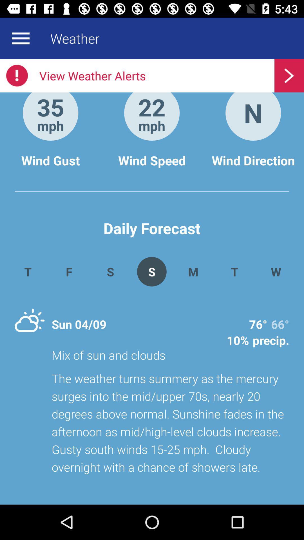 Image resolution: width=304 pixels, height=540 pixels. I want to click on item next to the s icon, so click(193, 271).